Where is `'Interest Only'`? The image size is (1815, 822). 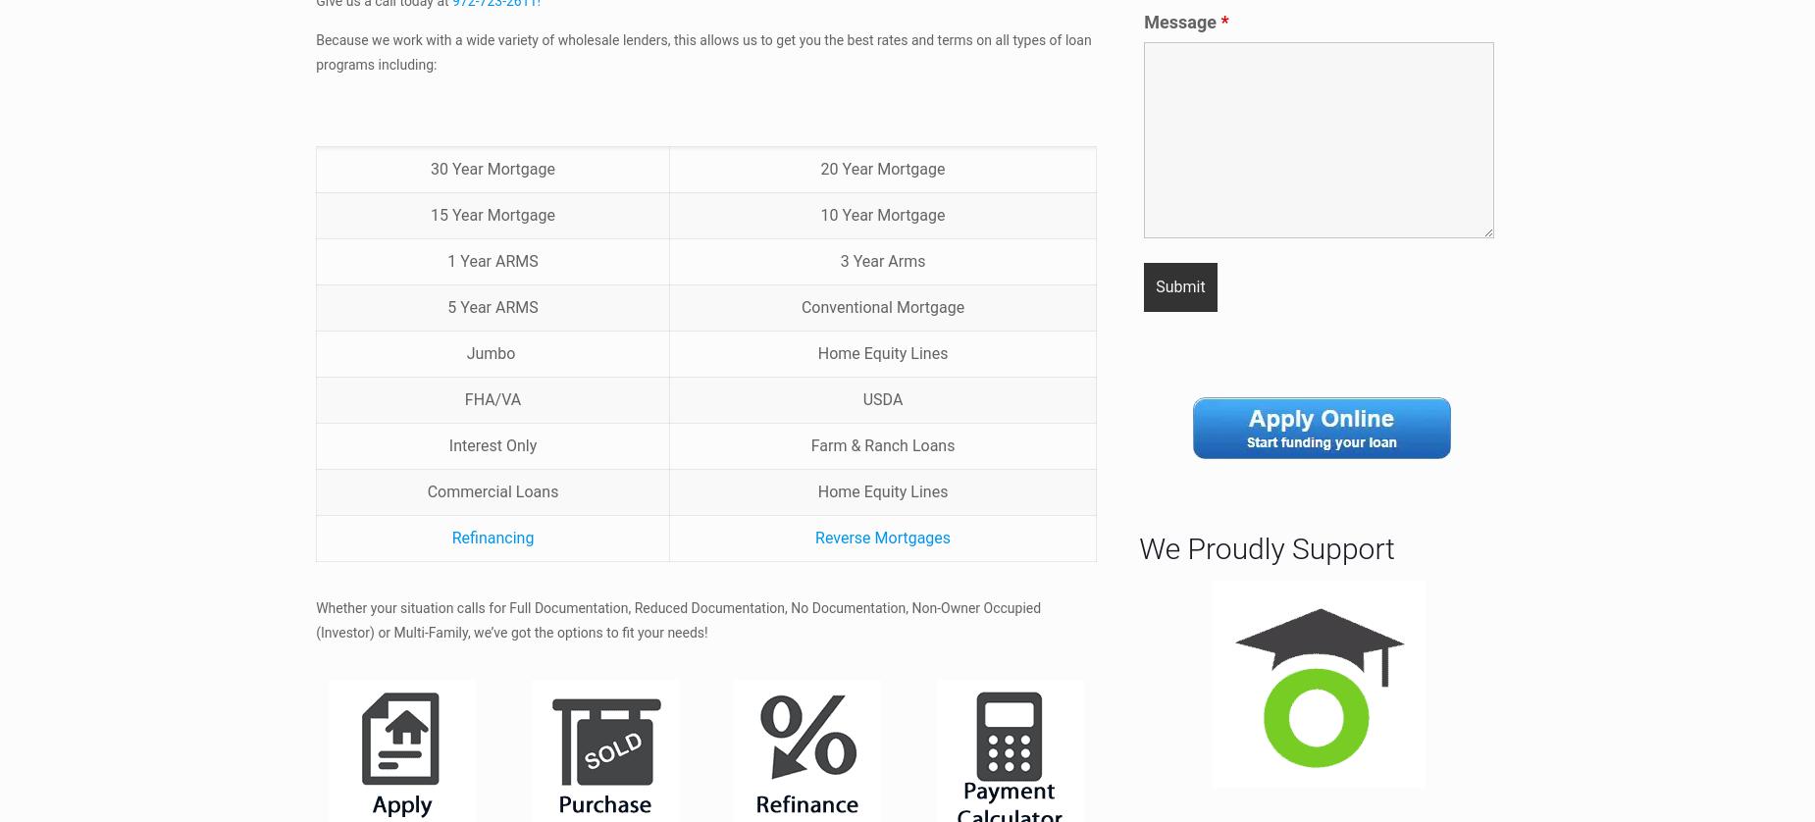
'Interest Only' is located at coordinates (493, 444).